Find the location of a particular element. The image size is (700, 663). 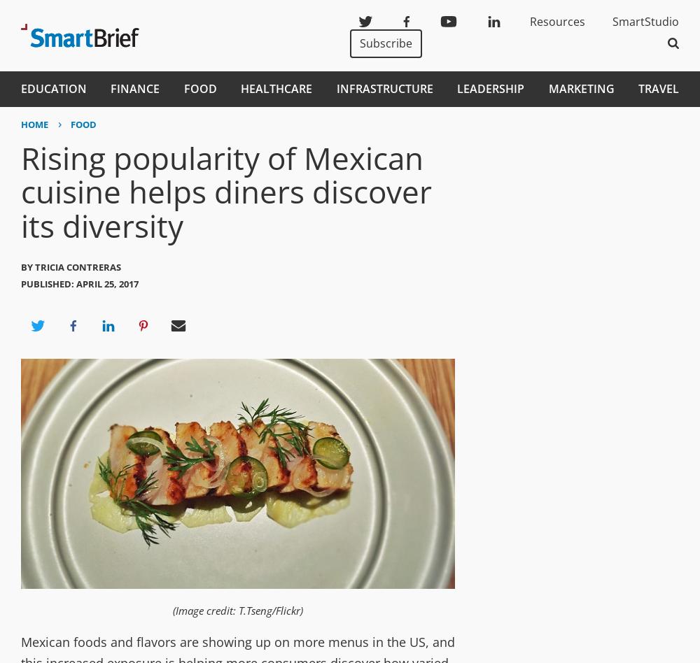

'Subscribe' is located at coordinates (360, 43).